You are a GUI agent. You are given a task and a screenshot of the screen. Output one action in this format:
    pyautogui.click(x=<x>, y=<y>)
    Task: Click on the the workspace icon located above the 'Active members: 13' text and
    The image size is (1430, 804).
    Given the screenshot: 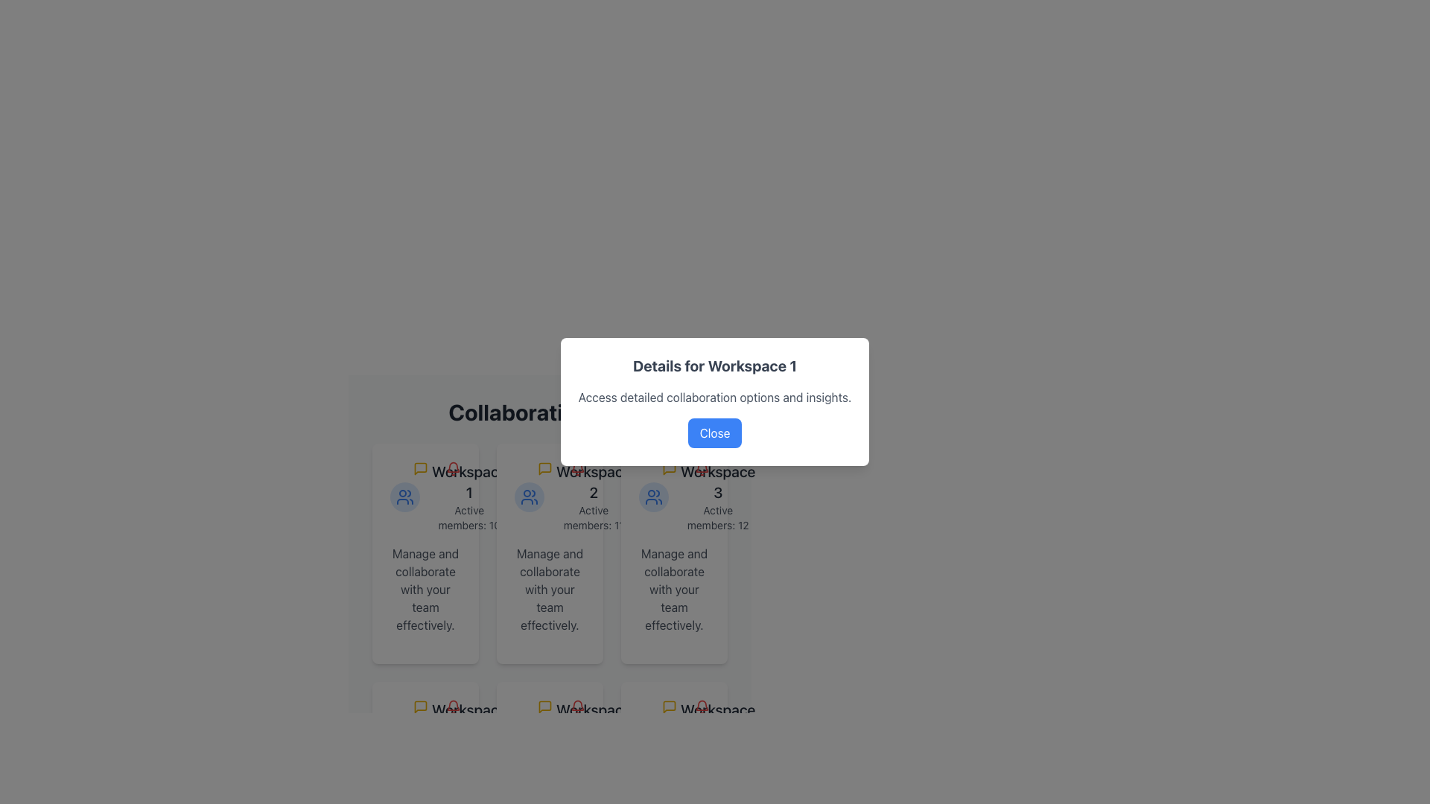 What is the action you would take?
    pyautogui.click(x=404, y=734)
    